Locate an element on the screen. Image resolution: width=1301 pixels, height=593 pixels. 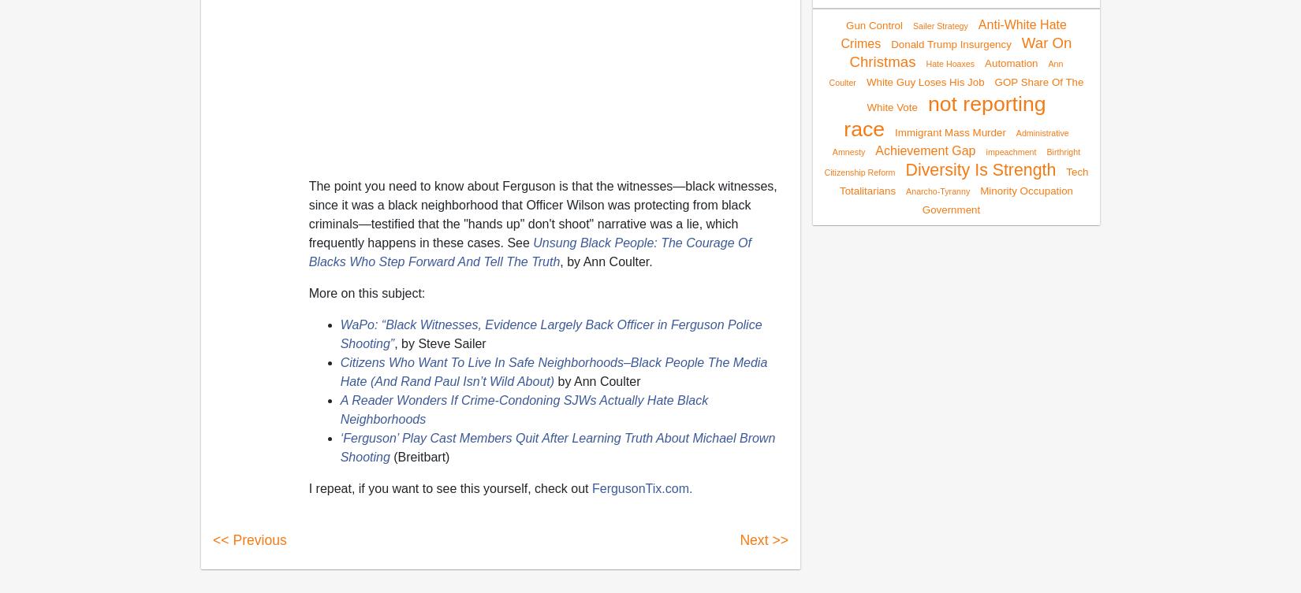
'A Reader Wonders If Crime-Condoning SJWs Actually Hate Black Neighborhoods' is located at coordinates (523, 409).